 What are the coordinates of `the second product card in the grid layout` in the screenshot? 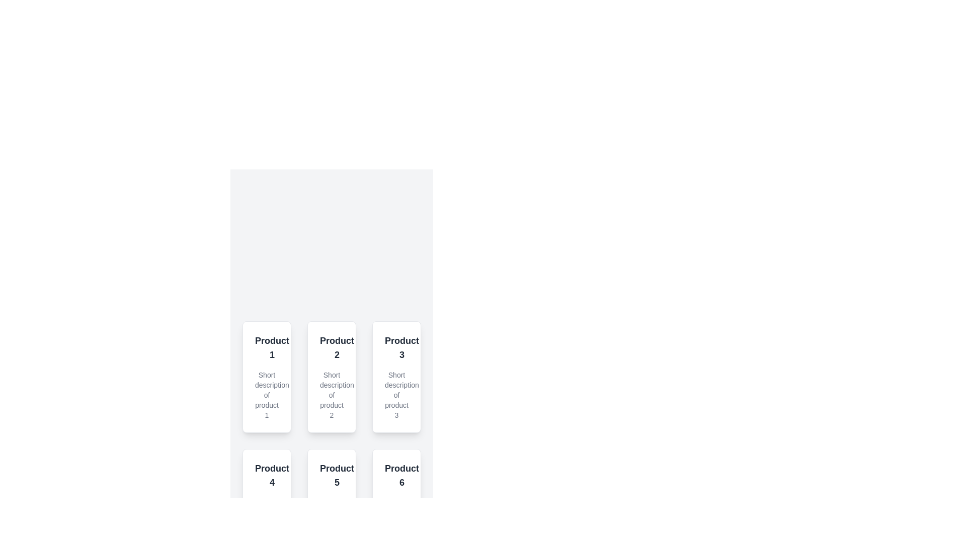 It's located at (332, 377).